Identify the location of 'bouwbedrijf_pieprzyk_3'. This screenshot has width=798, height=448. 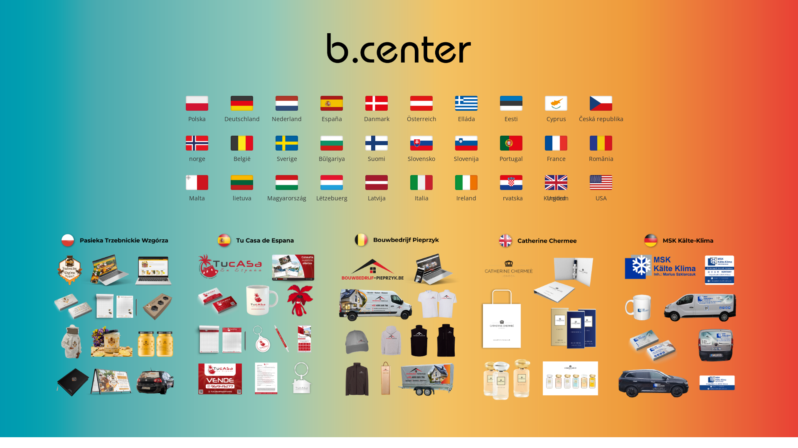
(396, 316).